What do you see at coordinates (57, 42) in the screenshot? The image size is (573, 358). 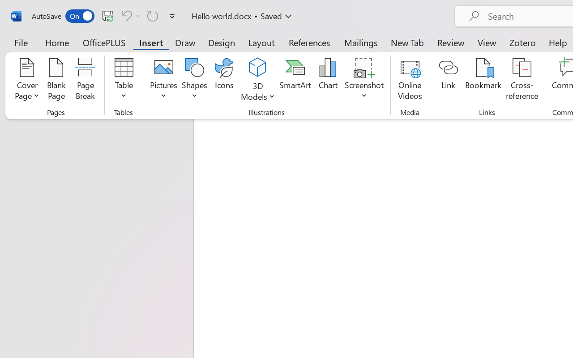 I see `'Home'` at bounding box center [57, 42].